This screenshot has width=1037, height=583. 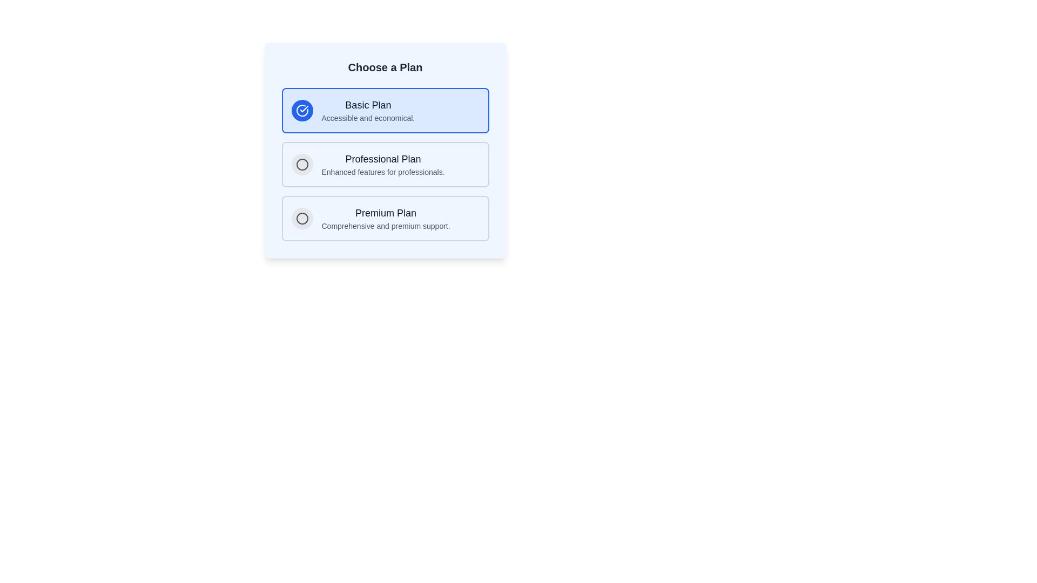 I want to click on label displaying 'Premium Plan' which is in bold dark gray text, located above the description 'Comprehensive and premium support' in the bottommost plan option of a vertical list, so click(x=386, y=213).